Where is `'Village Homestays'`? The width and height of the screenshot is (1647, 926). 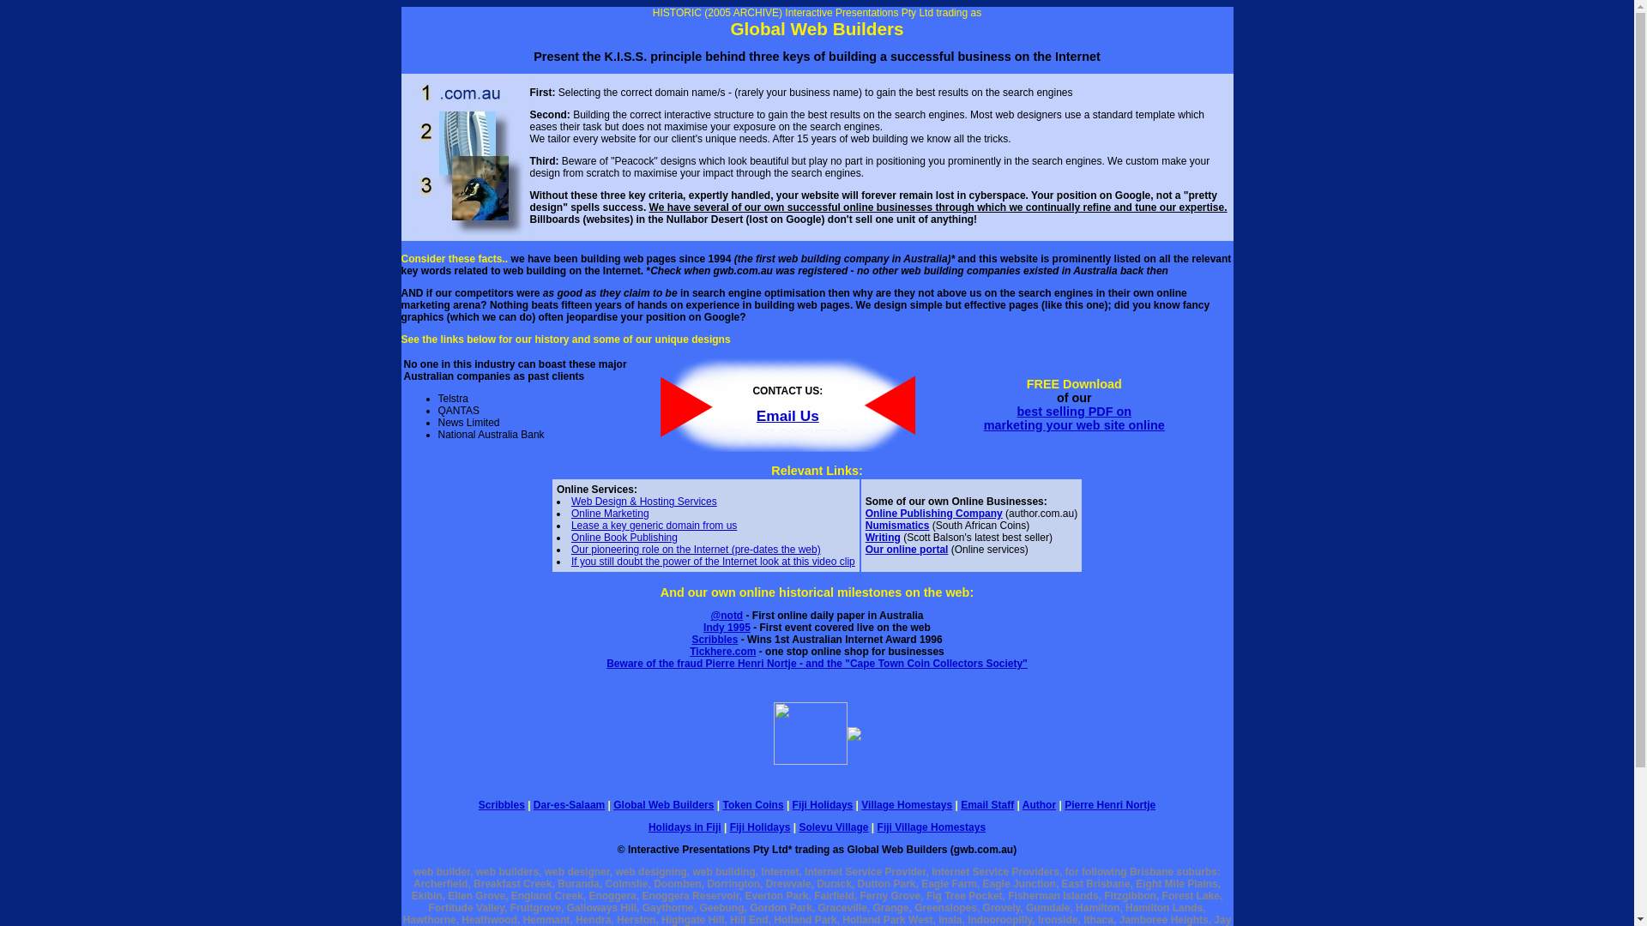 'Village Homestays' is located at coordinates (905, 804).